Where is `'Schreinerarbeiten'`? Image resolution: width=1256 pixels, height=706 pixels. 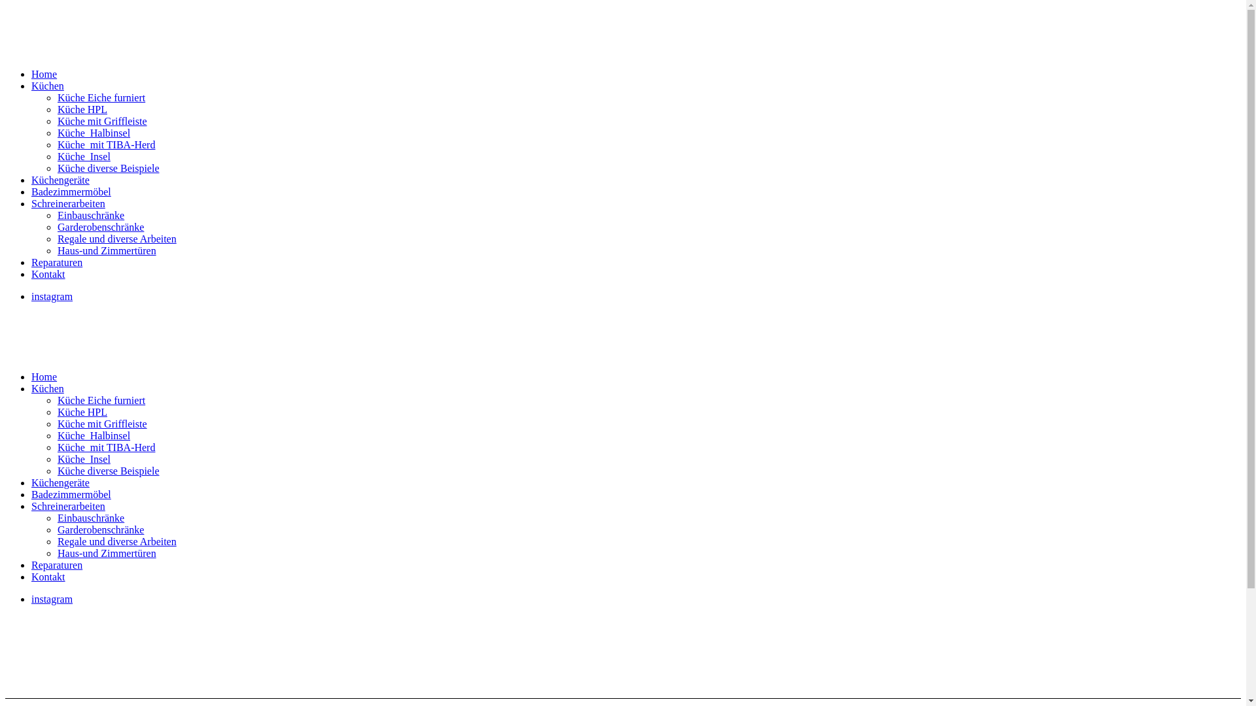
'Schreinerarbeiten' is located at coordinates (67, 203).